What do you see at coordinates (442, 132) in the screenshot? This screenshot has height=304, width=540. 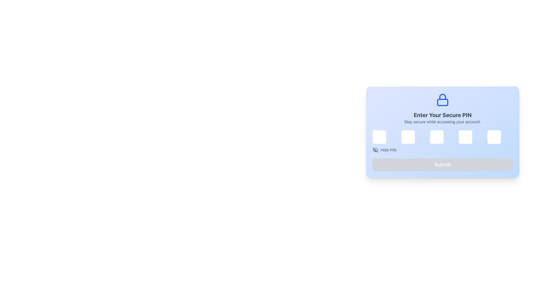 I see `the third PIN input box within the modal titled 'Enter Your Secure PIN' to focus on it` at bounding box center [442, 132].